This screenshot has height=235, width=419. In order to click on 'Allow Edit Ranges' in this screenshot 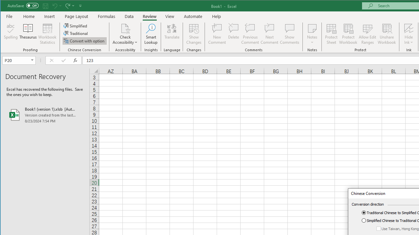, I will do `click(368, 34)`.